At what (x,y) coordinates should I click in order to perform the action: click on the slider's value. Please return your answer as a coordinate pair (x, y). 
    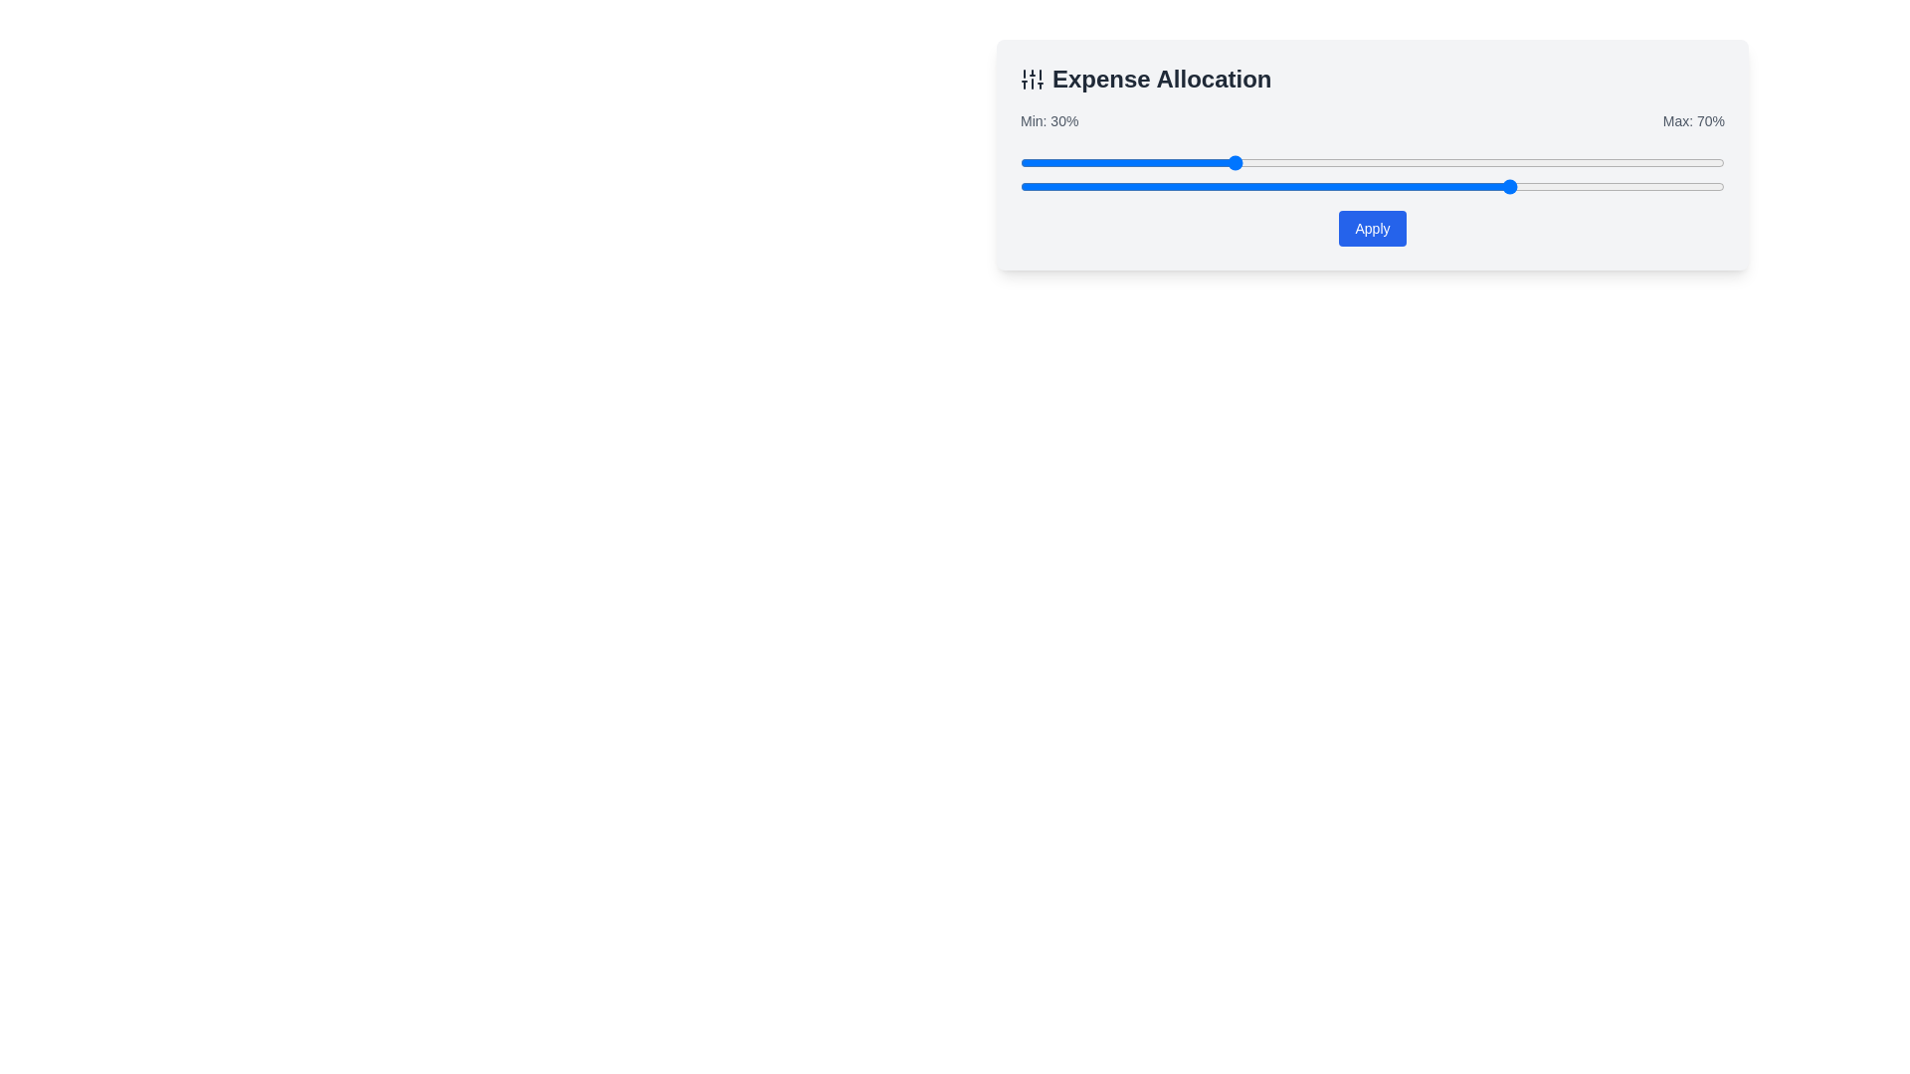
    Looking at the image, I should click on (1576, 187).